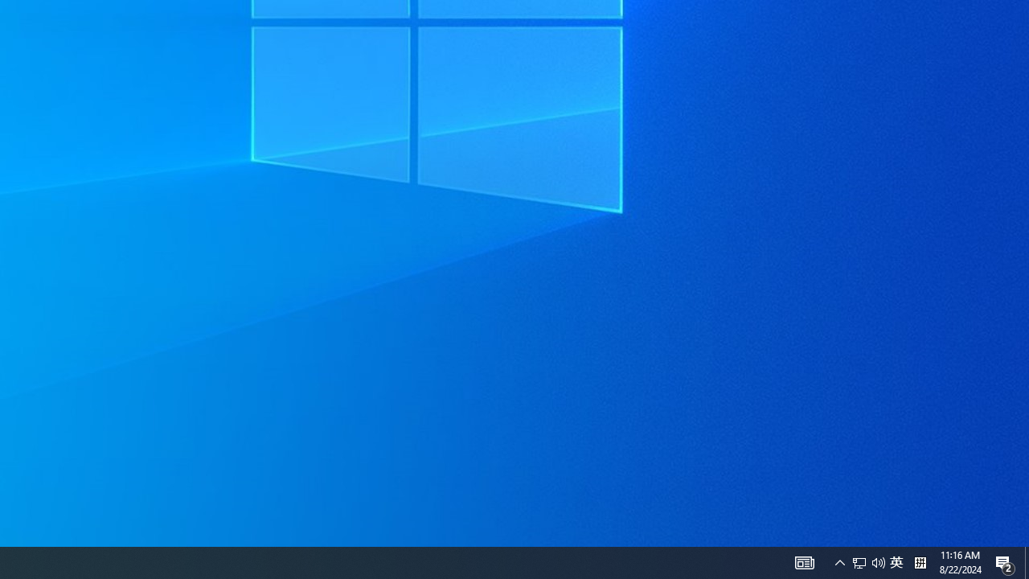  I want to click on 'Q2790: 100%', so click(878, 561).